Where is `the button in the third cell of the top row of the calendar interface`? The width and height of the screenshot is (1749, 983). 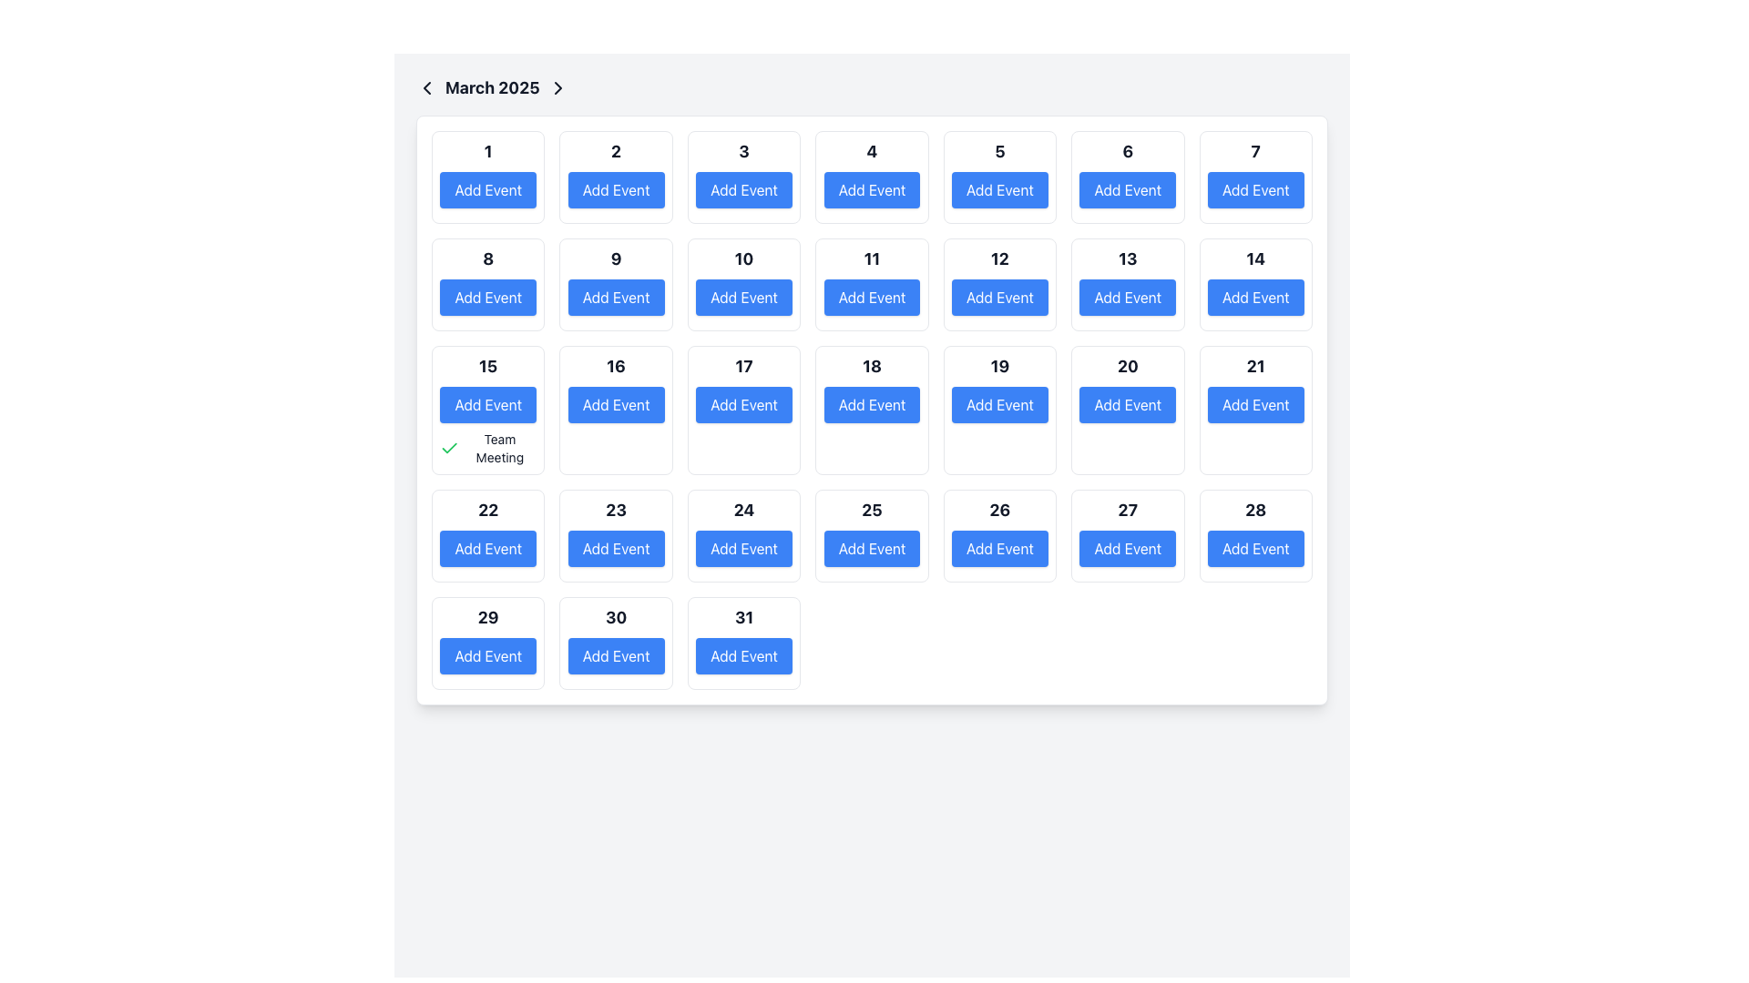
the button in the third cell of the top row of the calendar interface is located at coordinates (744, 189).